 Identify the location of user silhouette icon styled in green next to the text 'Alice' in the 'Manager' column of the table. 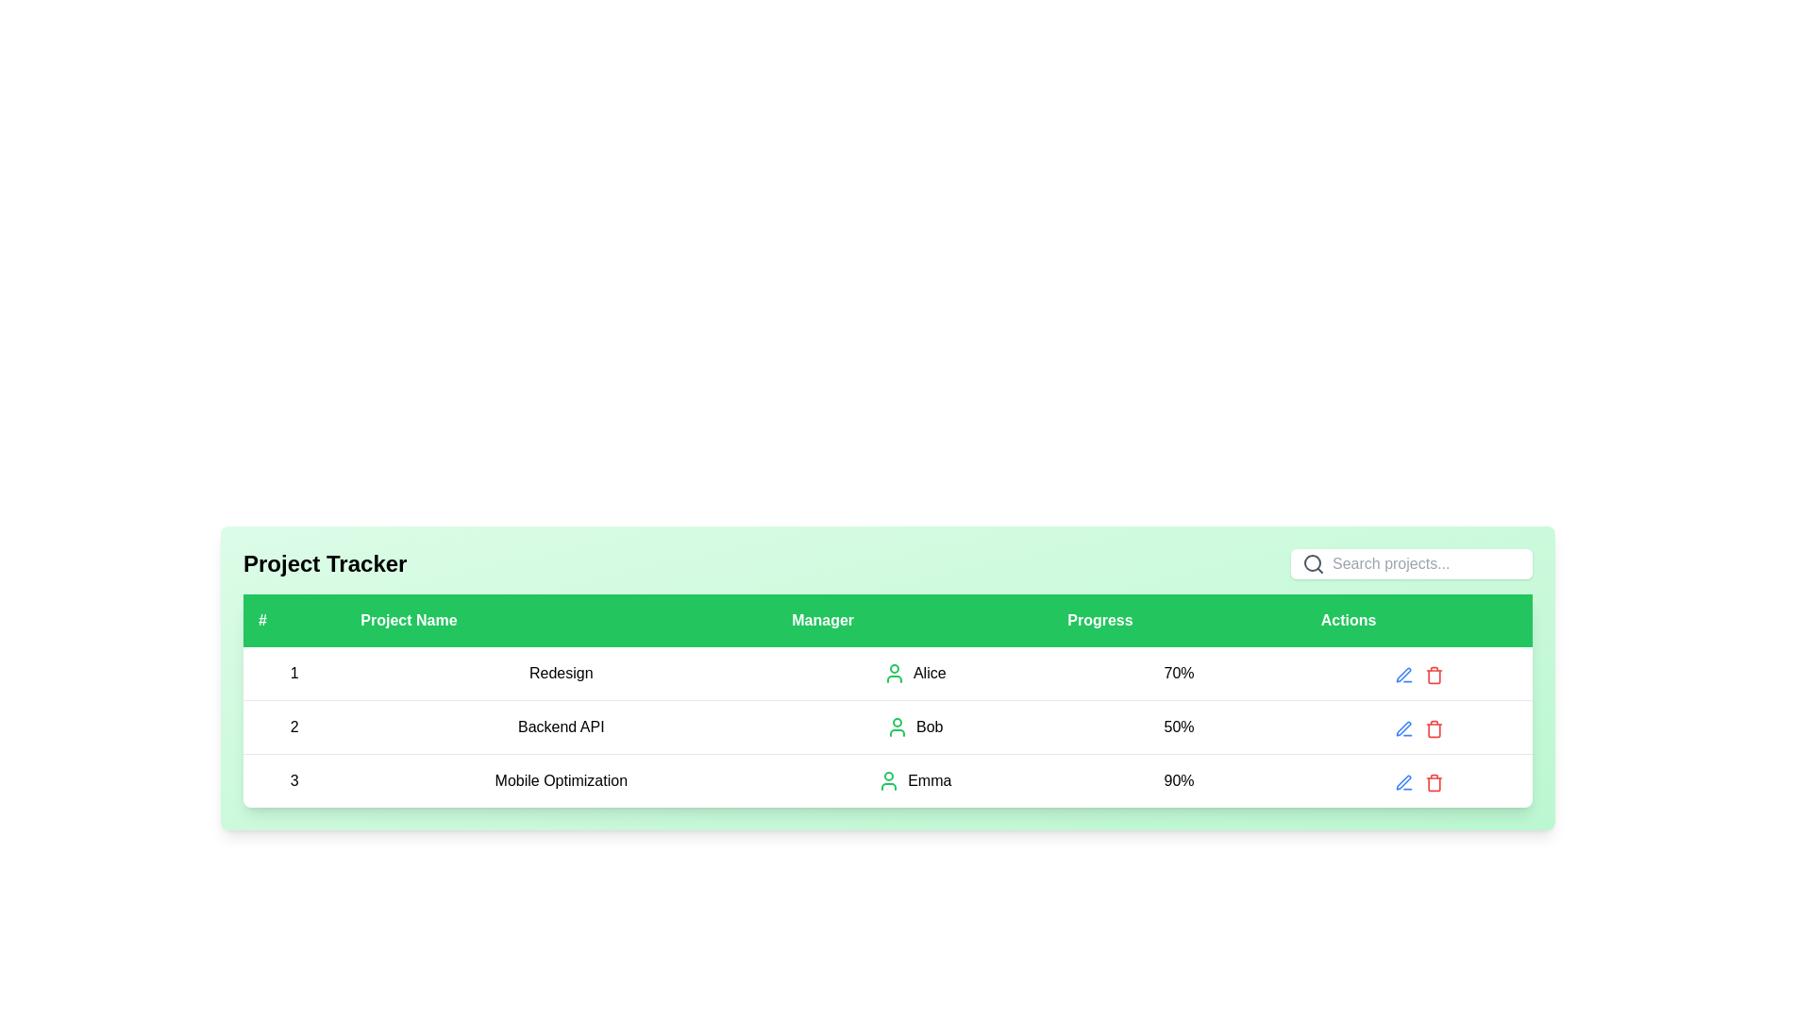
(893, 672).